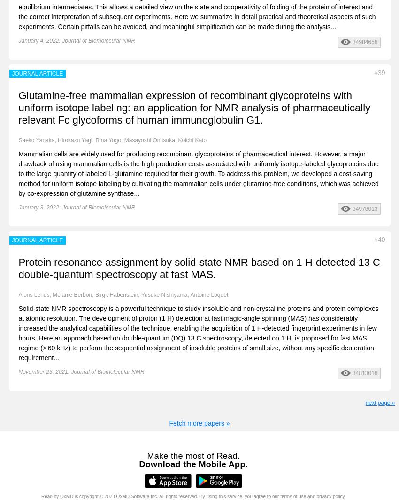  I want to click on 'November 23, 2021: Journal of Biomolecular NMR', so click(80, 371).